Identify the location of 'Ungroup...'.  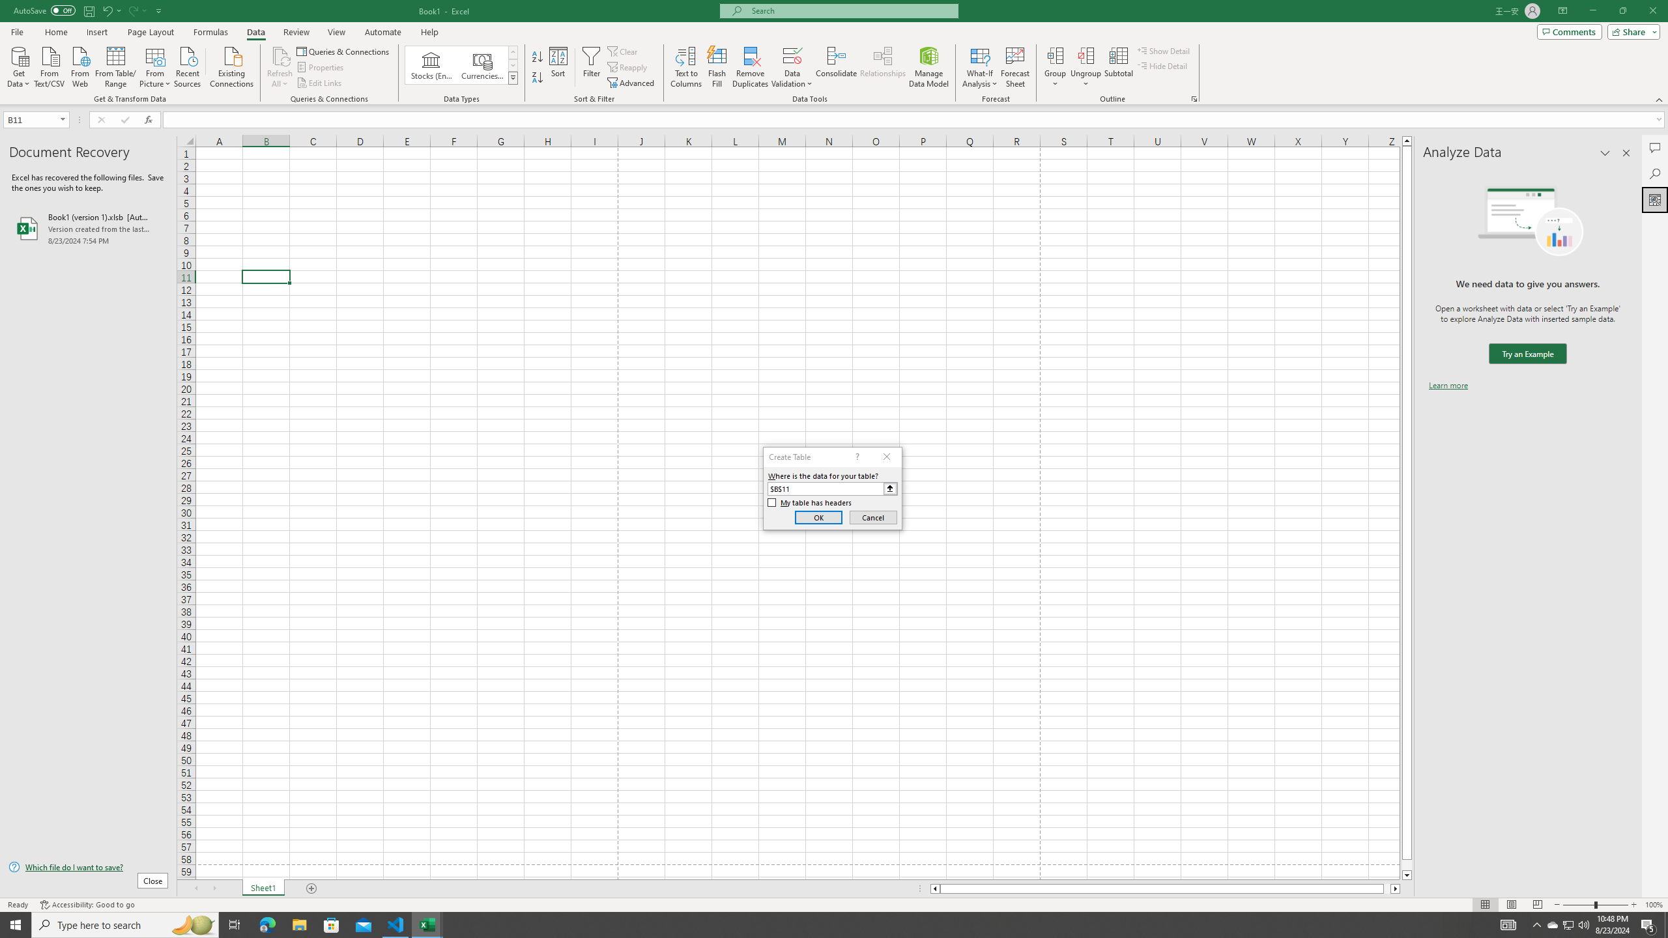
(1086, 67).